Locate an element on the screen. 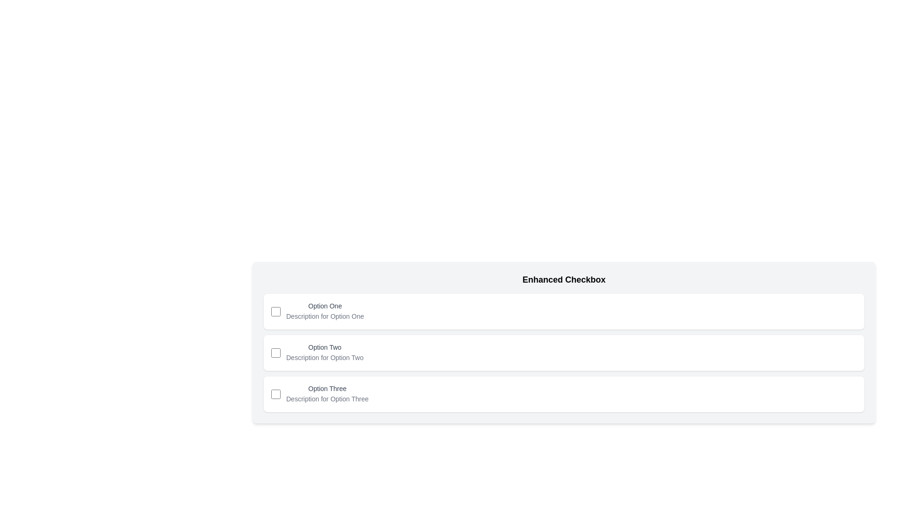  the unmarked checkbox located in the lower section of the third card in a vertical list of three cards is located at coordinates (275, 394).